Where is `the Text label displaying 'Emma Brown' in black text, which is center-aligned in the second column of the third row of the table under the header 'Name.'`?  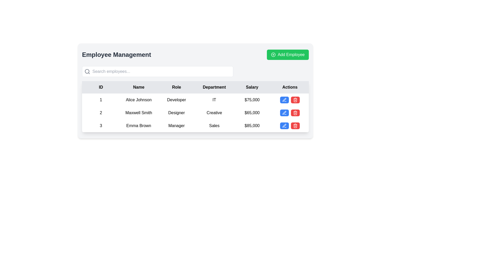
the Text label displaying 'Emma Brown' in black text, which is center-aligned in the second column of the third row of the table under the header 'Name.' is located at coordinates (139, 126).